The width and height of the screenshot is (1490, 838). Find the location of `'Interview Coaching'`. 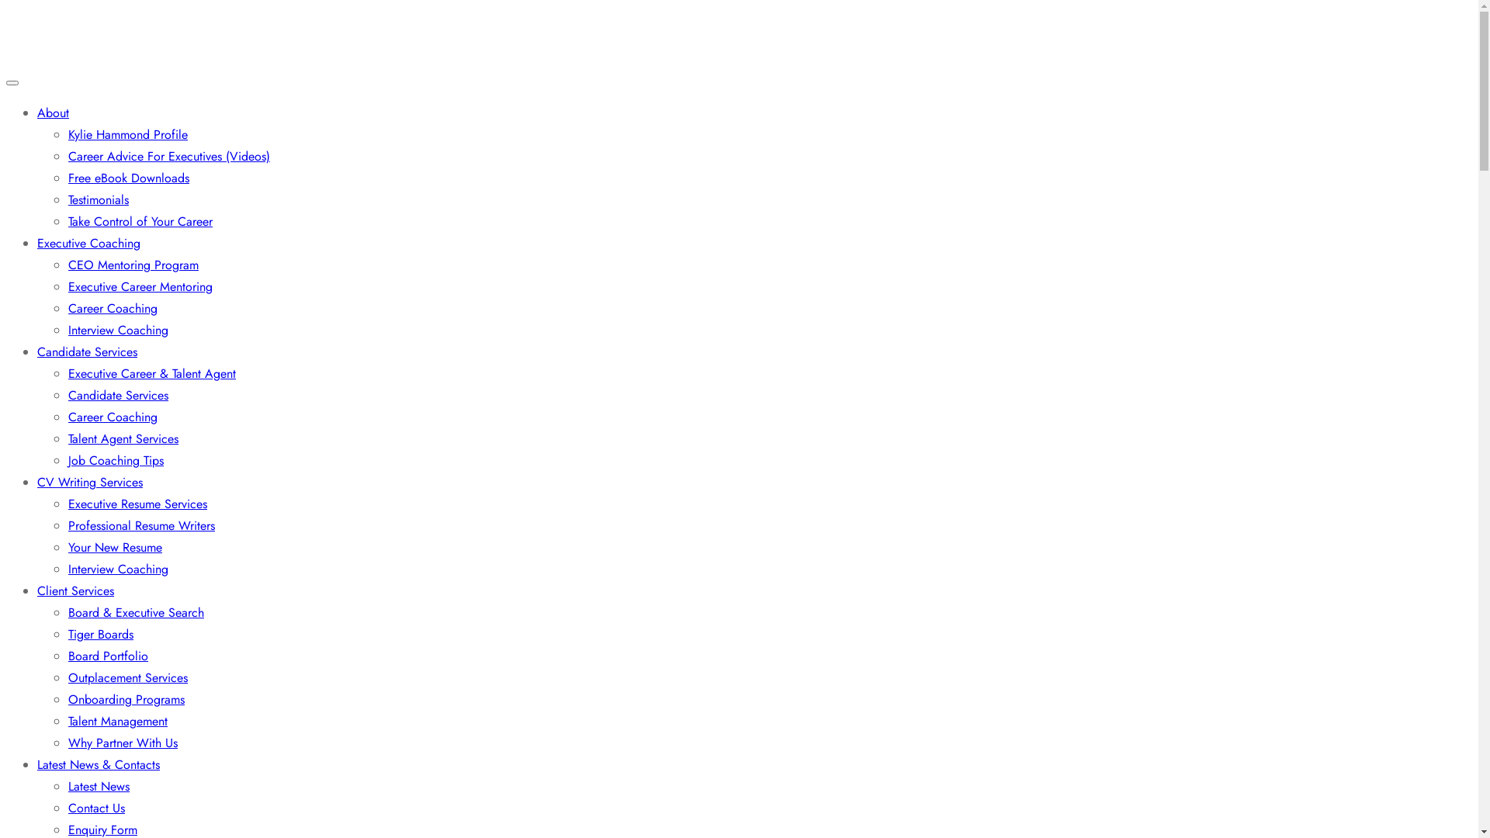

'Interview Coaching' is located at coordinates (117, 569).